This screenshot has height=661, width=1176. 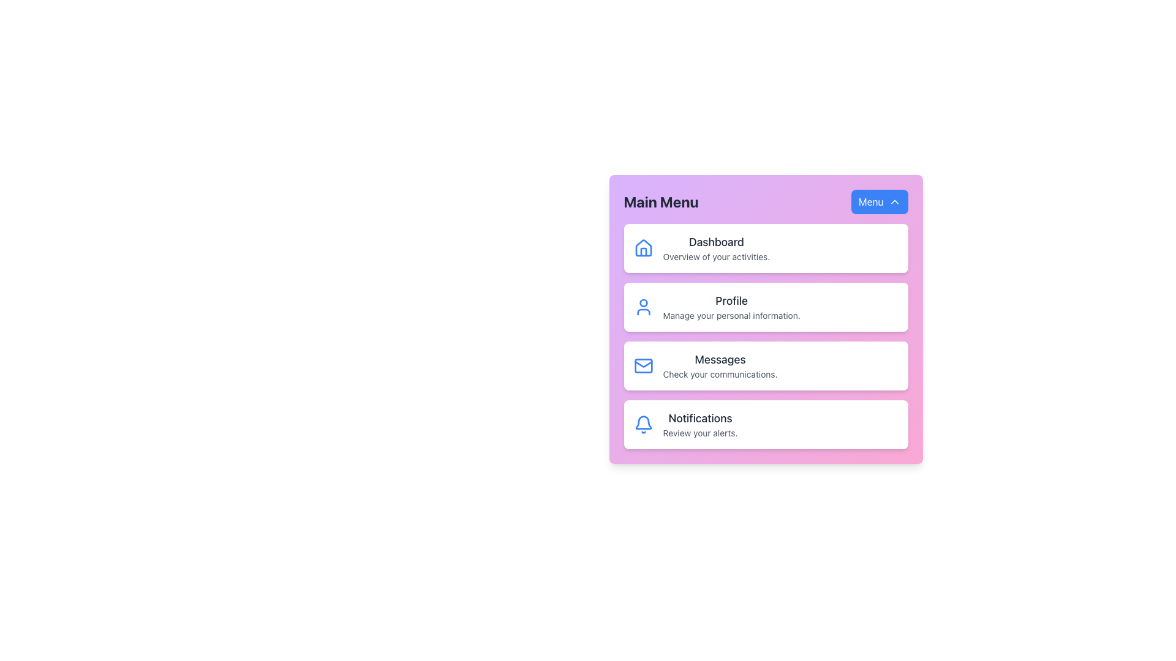 I want to click on the Composite text element that describes the 'Notifications' menu item, located at the bottom of the vertical stack of menu options, so click(x=700, y=424).